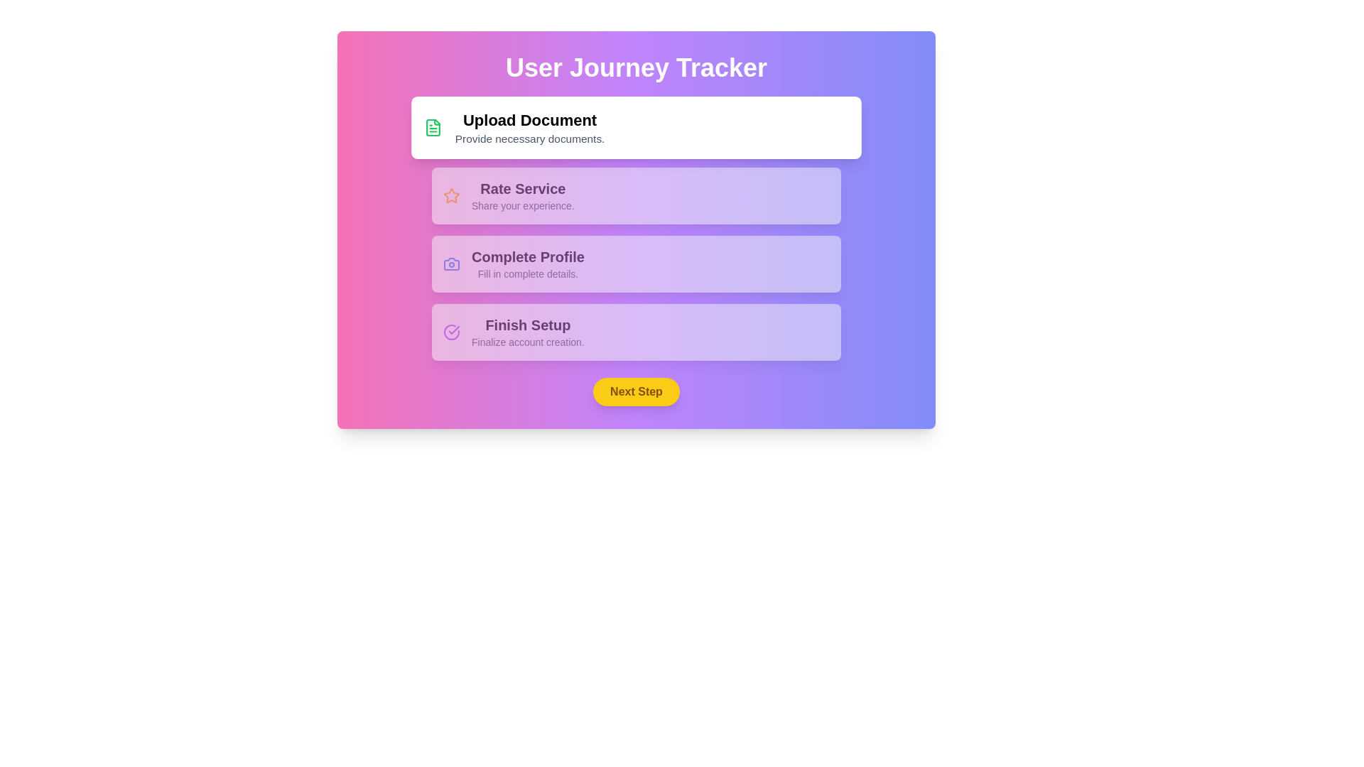 This screenshot has height=767, width=1364. Describe the element at coordinates (636, 196) in the screenshot. I see `the Information card that prompts the user to rate a service, located as the second card in a vertical sequence of four, positioned below the 'Upload Document' card and above the 'Complete Profile' card` at that location.